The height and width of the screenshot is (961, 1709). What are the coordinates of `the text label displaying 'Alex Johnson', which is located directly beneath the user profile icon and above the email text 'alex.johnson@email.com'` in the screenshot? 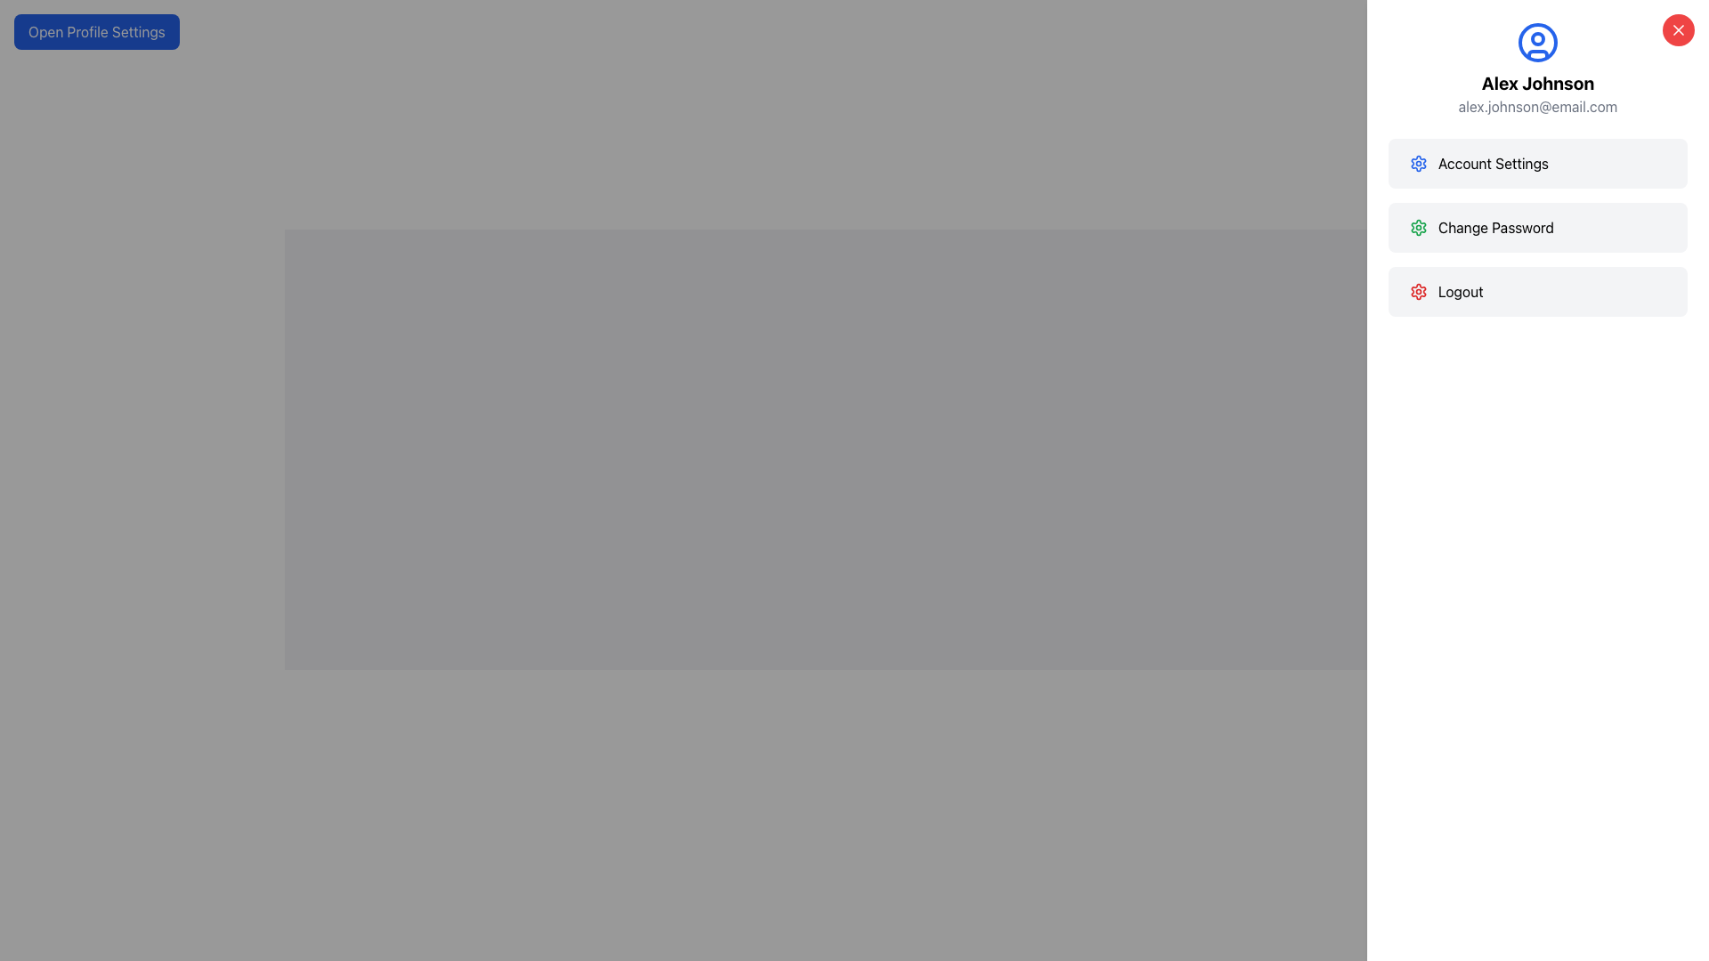 It's located at (1537, 83).